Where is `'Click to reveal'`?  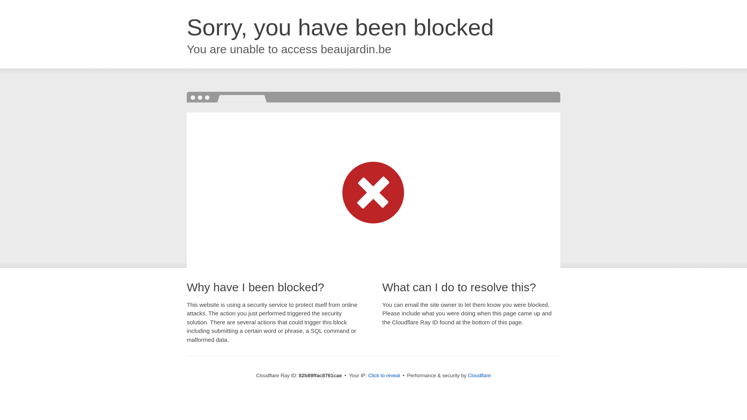
'Click to reveal' is located at coordinates (384, 375).